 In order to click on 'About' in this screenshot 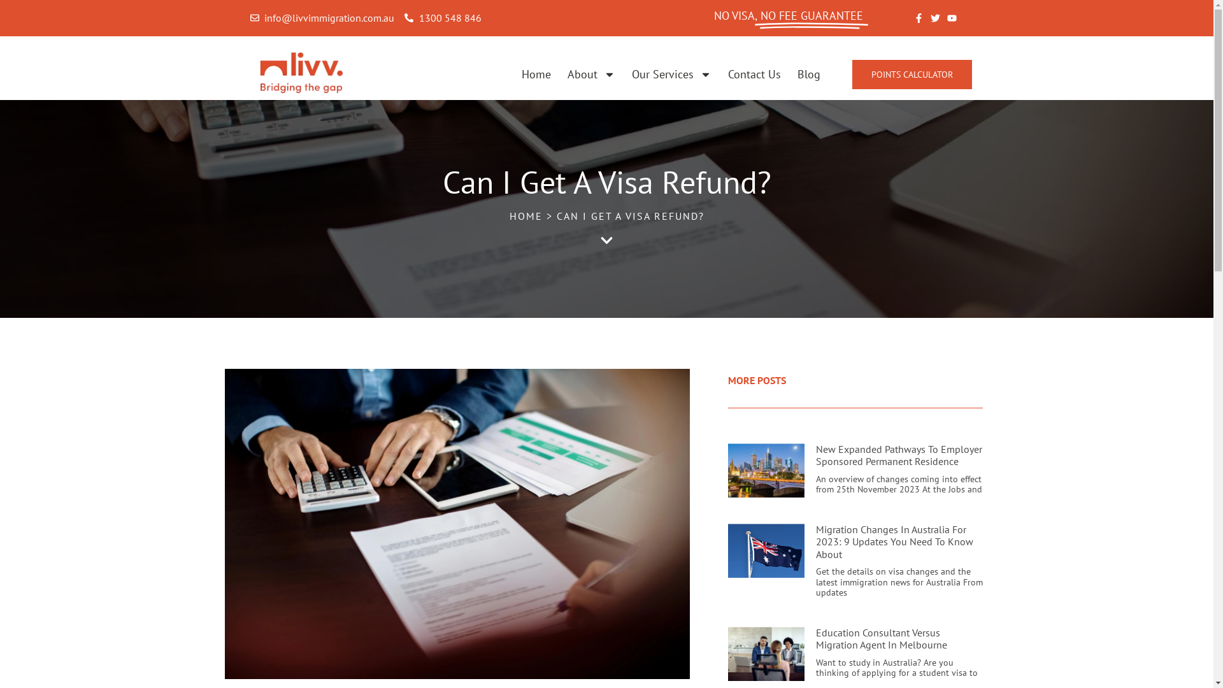, I will do `click(590, 75)`.